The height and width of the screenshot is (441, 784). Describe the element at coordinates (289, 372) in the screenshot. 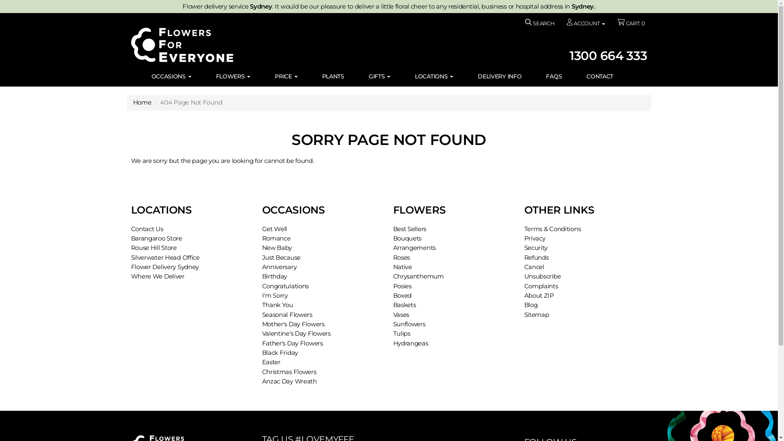

I see `'Christmas Flowers'` at that location.